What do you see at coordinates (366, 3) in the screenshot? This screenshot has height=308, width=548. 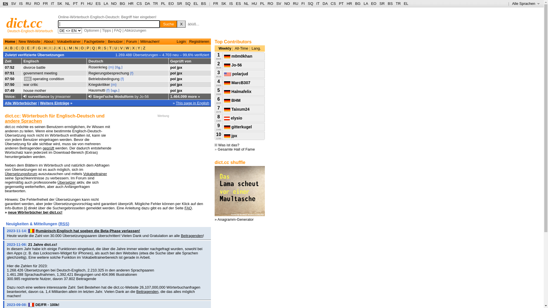 I see `'LA'` at bounding box center [366, 3].